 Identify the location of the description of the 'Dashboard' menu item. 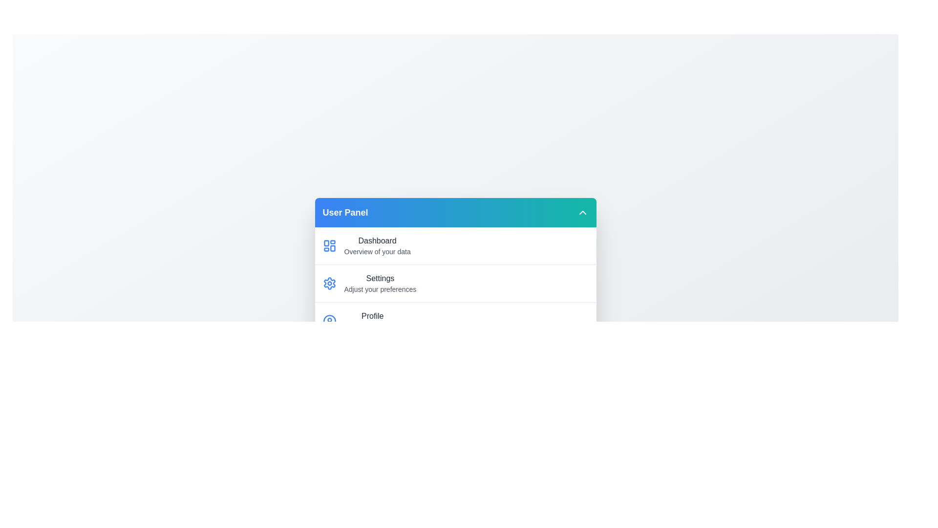
(377, 241).